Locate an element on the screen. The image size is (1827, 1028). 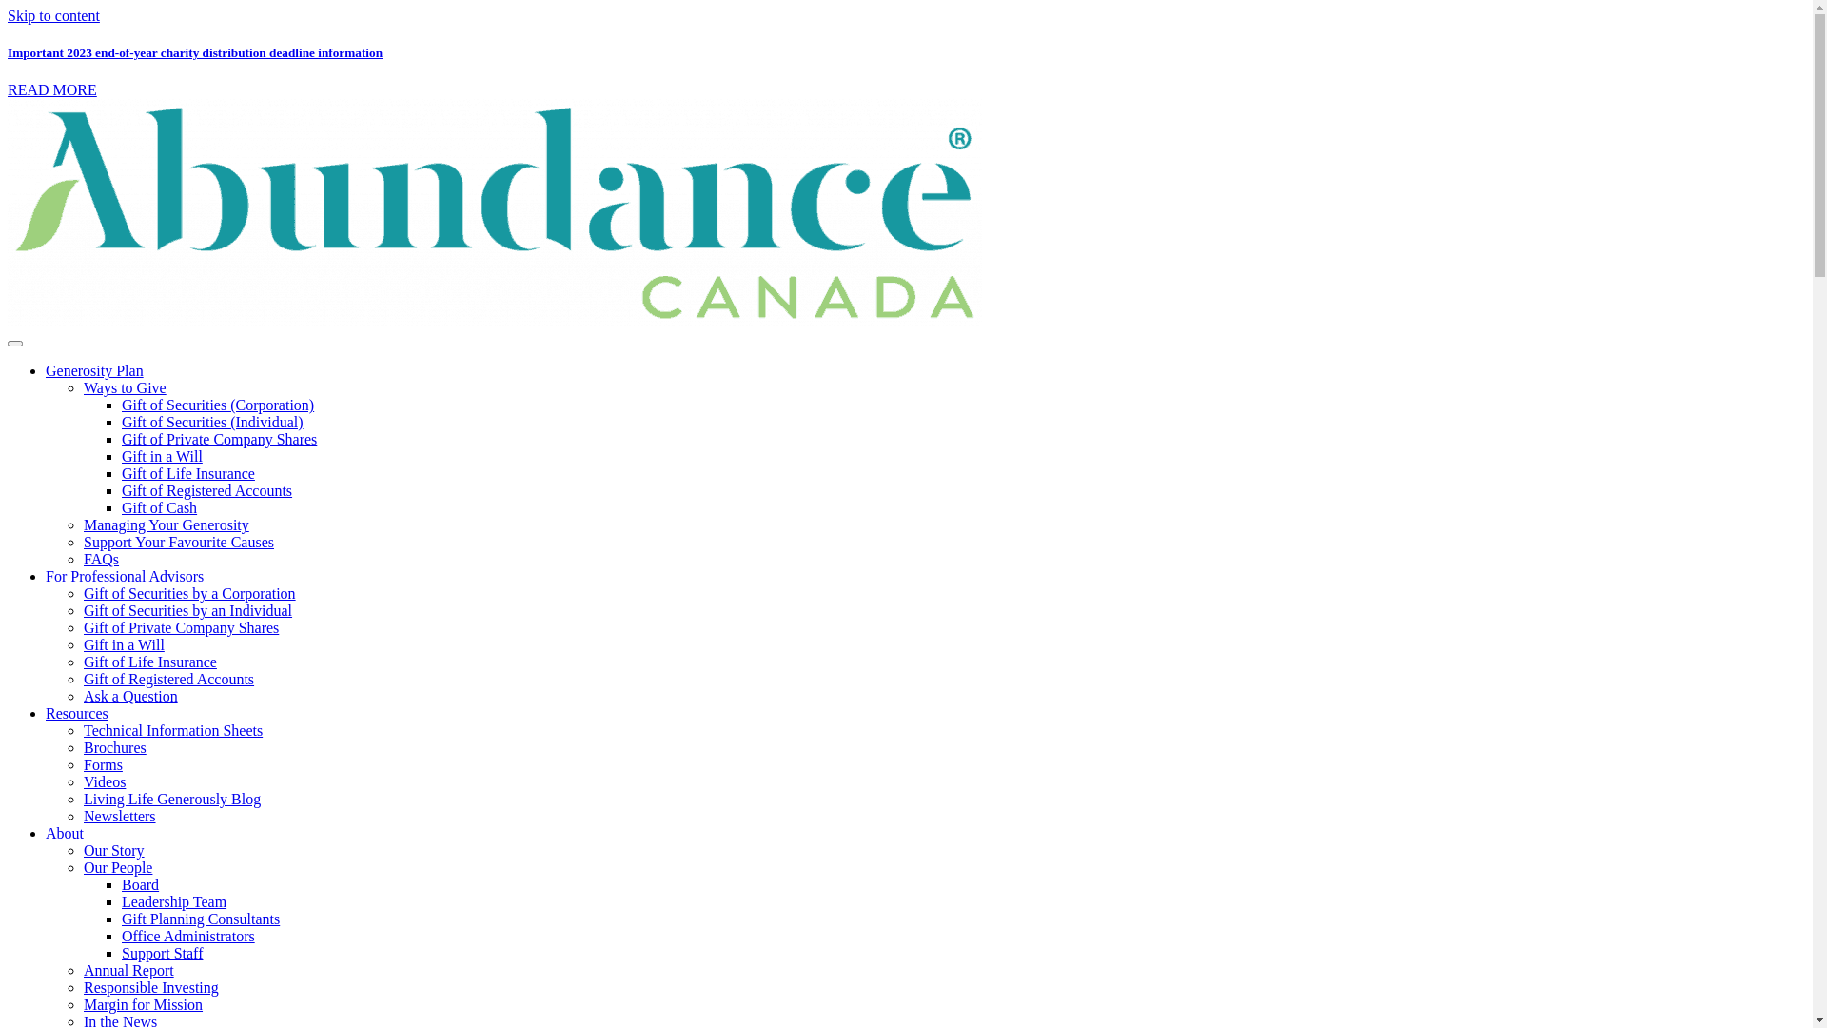
'Our People' is located at coordinates (117, 867).